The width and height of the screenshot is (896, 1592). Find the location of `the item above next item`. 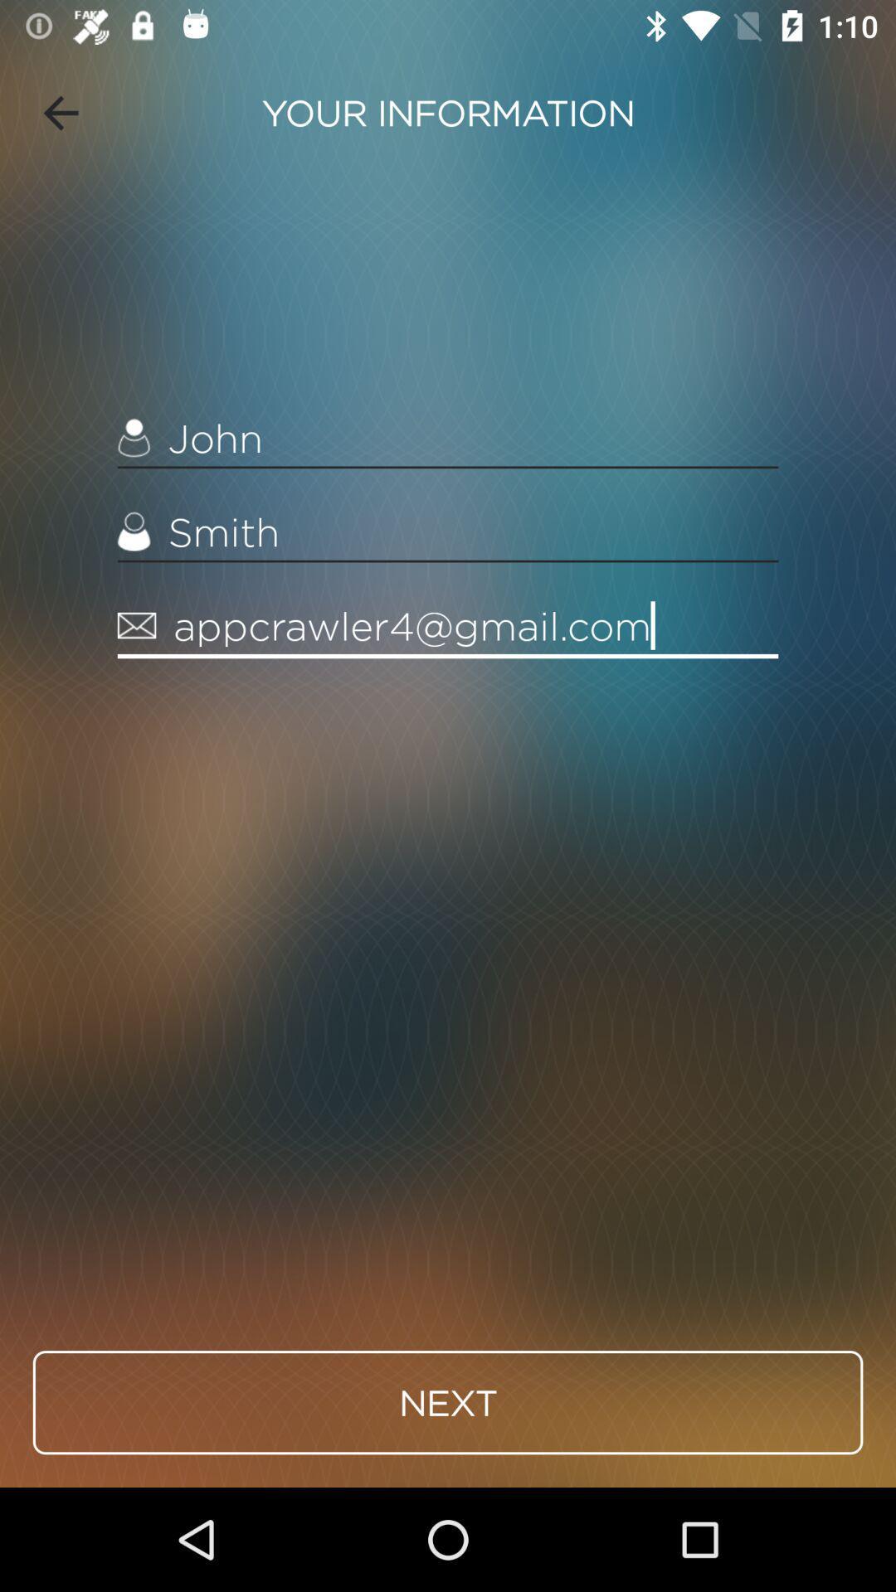

the item above next item is located at coordinates (448, 625).